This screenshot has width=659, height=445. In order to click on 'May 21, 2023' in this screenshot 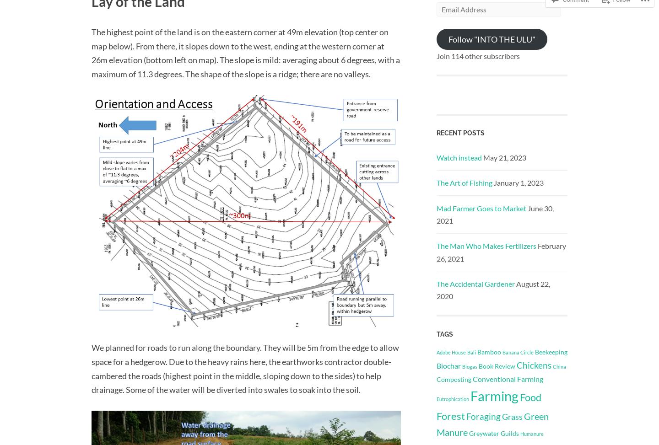, I will do `click(504, 157)`.